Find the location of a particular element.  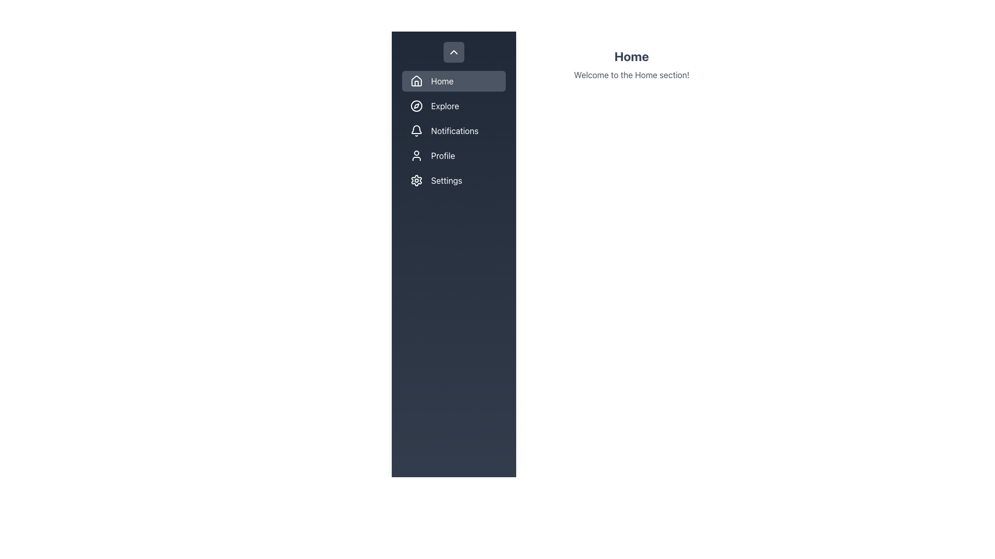

the 'Home' text label (header) which is visually prominent, bold, and styled with a larger font size and gray color, located to the right of a sidebar is located at coordinates (631, 56).